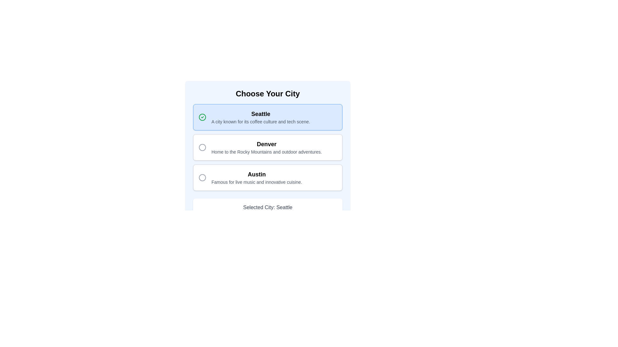 The height and width of the screenshot is (347, 618). I want to click on the text label that reads 'Famous for live music and innovative cuisine', which is positioned below the header 'Austin' in the city options list, so click(256, 182).